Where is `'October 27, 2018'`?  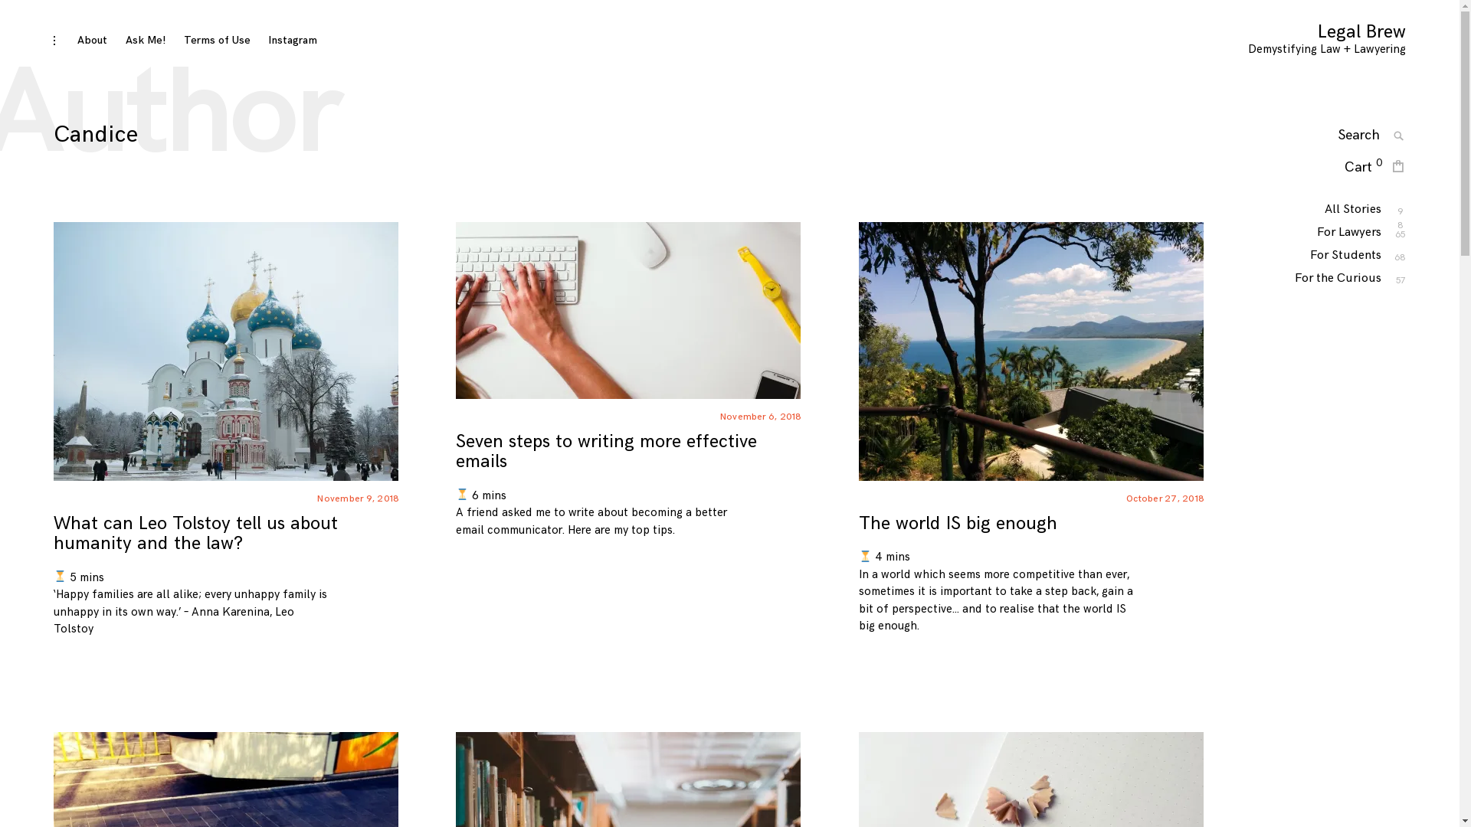 'October 27, 2018' is located at coordinates (1165, 498).